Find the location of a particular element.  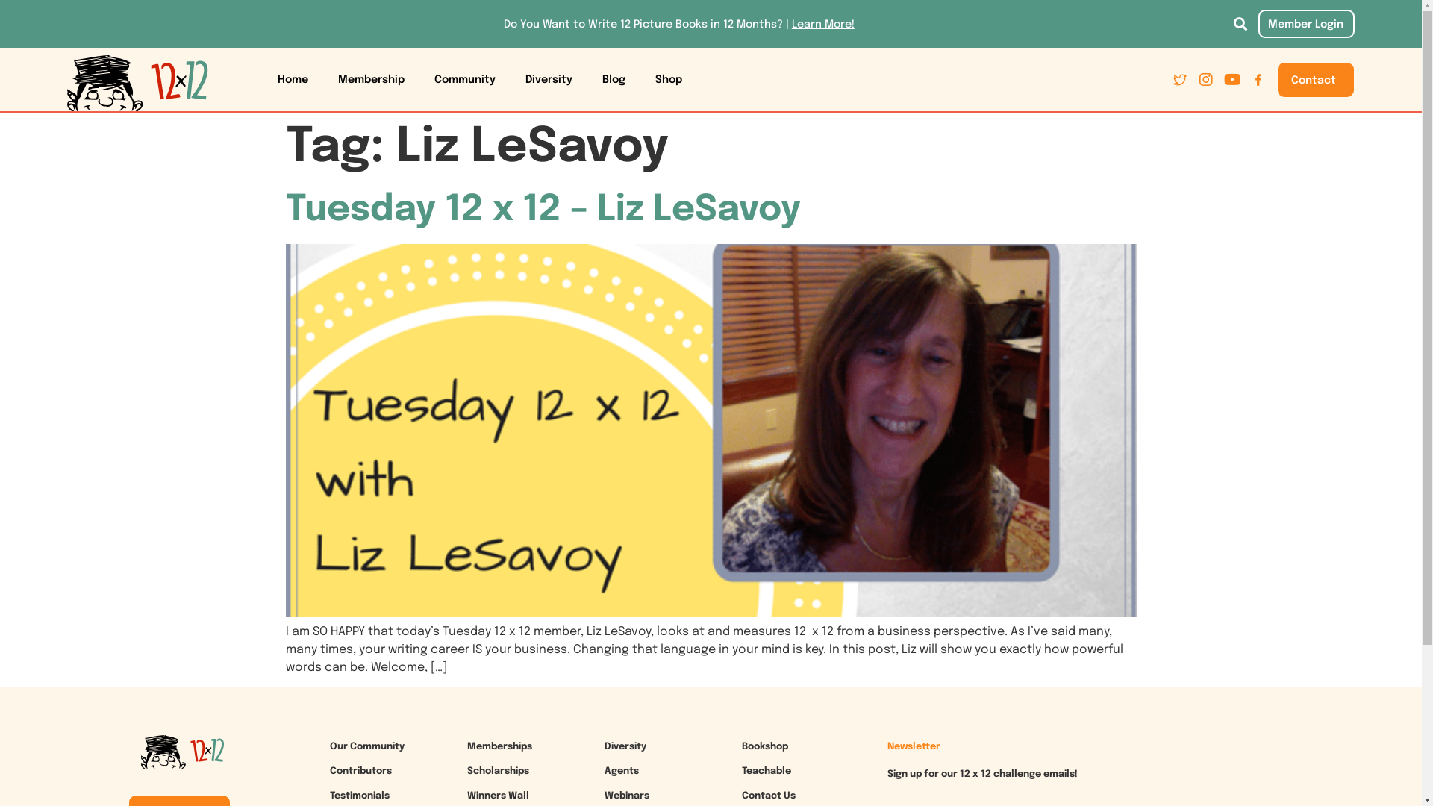

'Learn' is located at coordinates (805, 25).